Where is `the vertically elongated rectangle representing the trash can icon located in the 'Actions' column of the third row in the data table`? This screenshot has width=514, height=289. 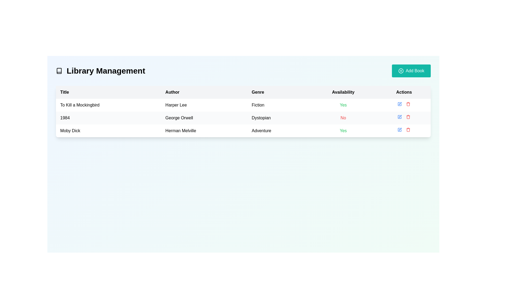 the vertically elongated rectangle representing the trash can icon located in the 'Actions' column of the third row in the data table is located at coordinates (408, 130).